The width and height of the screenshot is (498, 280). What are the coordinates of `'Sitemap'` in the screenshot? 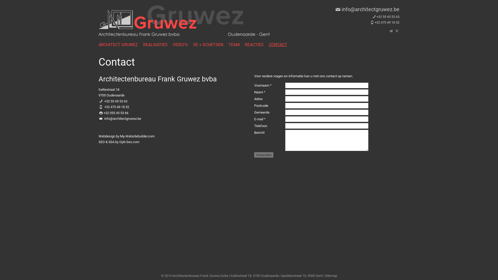 It's located at (330, 275).